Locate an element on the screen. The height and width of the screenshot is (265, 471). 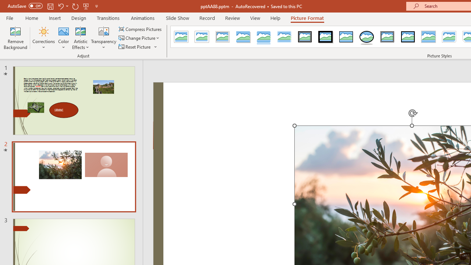
'Thick Matte, Black' is located at coordinates (325, 37).